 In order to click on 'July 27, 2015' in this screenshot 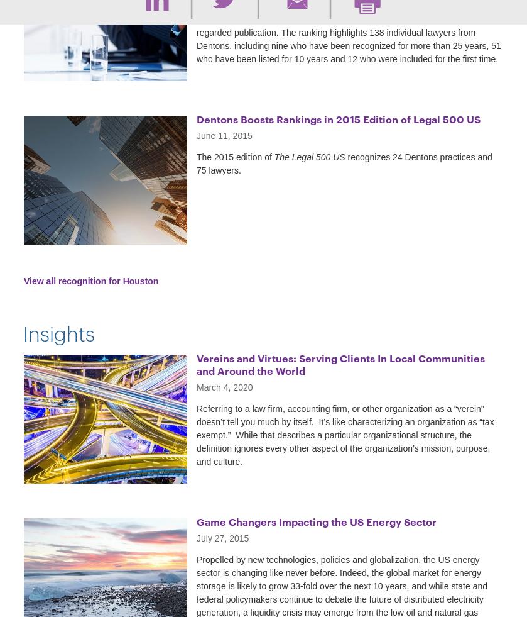, I will do `click(222, 538)`.